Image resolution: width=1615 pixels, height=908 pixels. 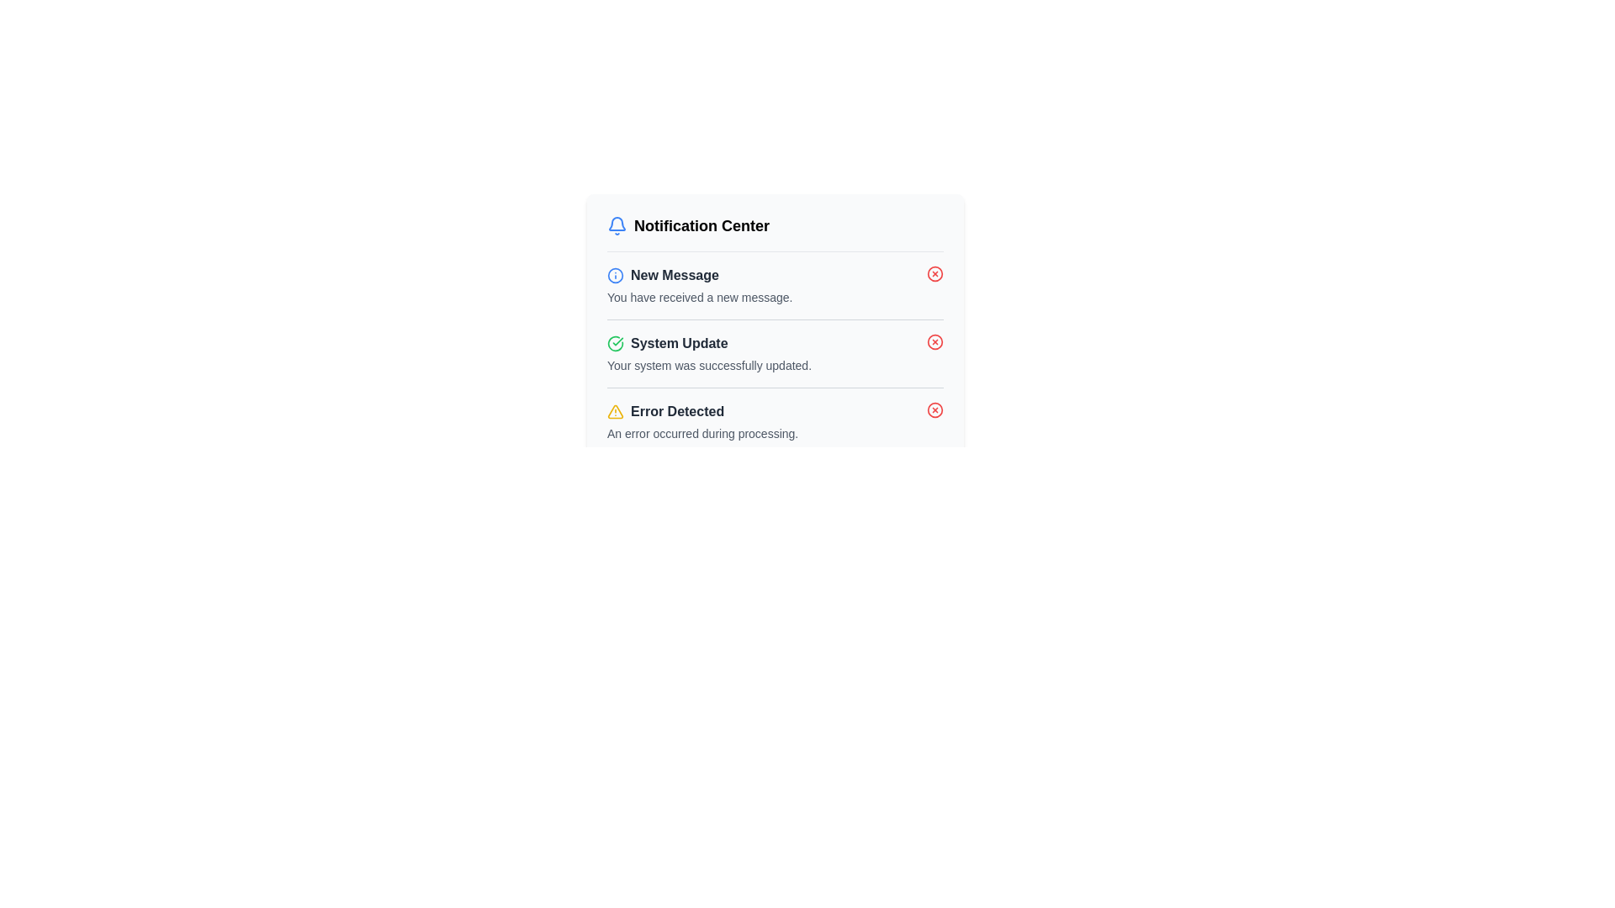 I want to click on the notification component that informs the user about a successful system update by clicking on its title or icon for additional details, so click(x=774, y=352).